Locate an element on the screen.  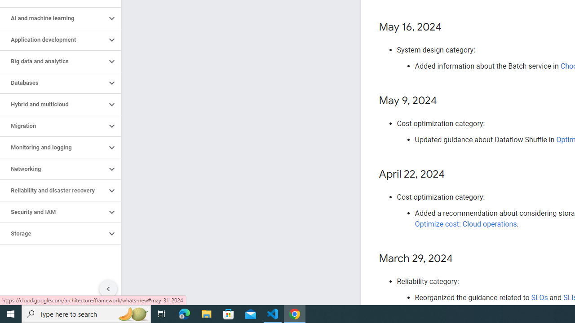
'Hide side navigation' is located at coordinates (108, 289).